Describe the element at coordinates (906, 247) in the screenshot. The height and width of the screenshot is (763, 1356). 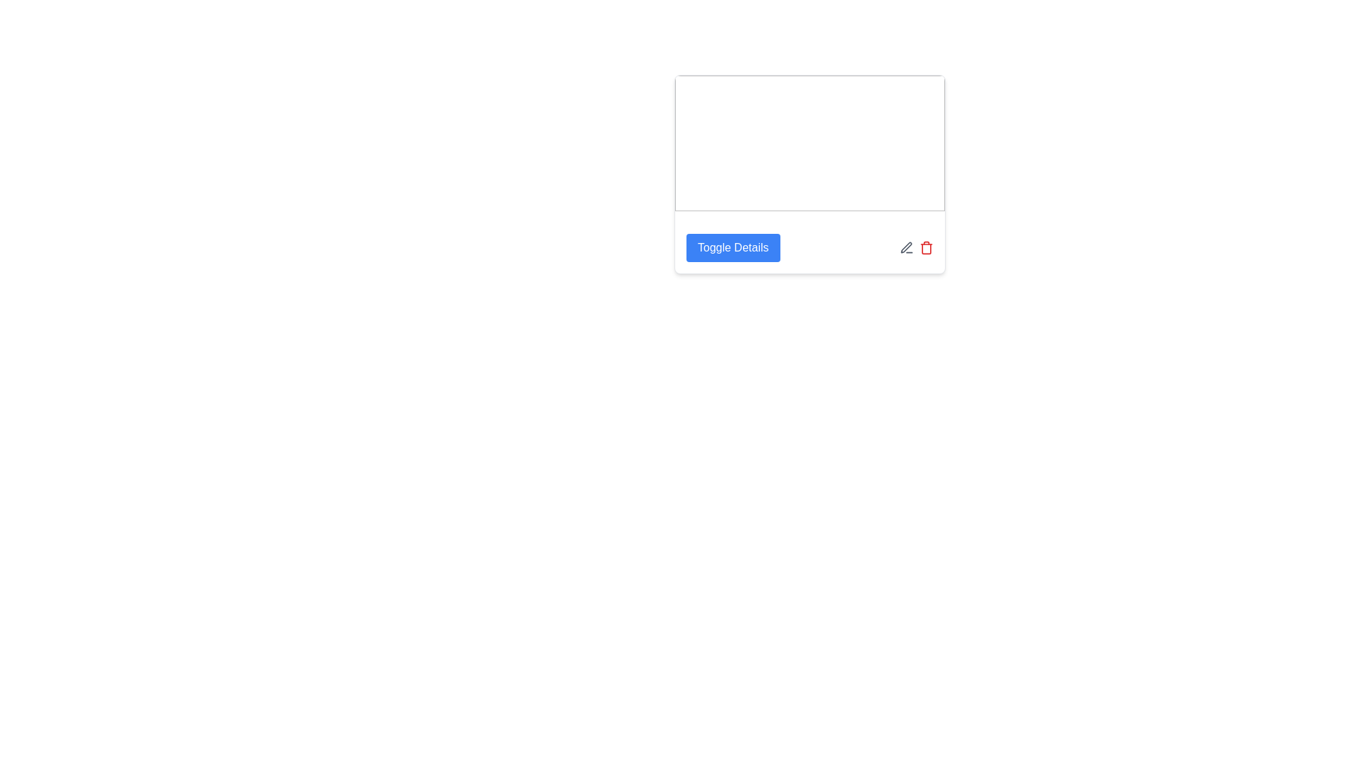
I see `the leftmost icon button near the bottom right corner of a white rectangular box to initiate the editing action on the associated content` at that location.